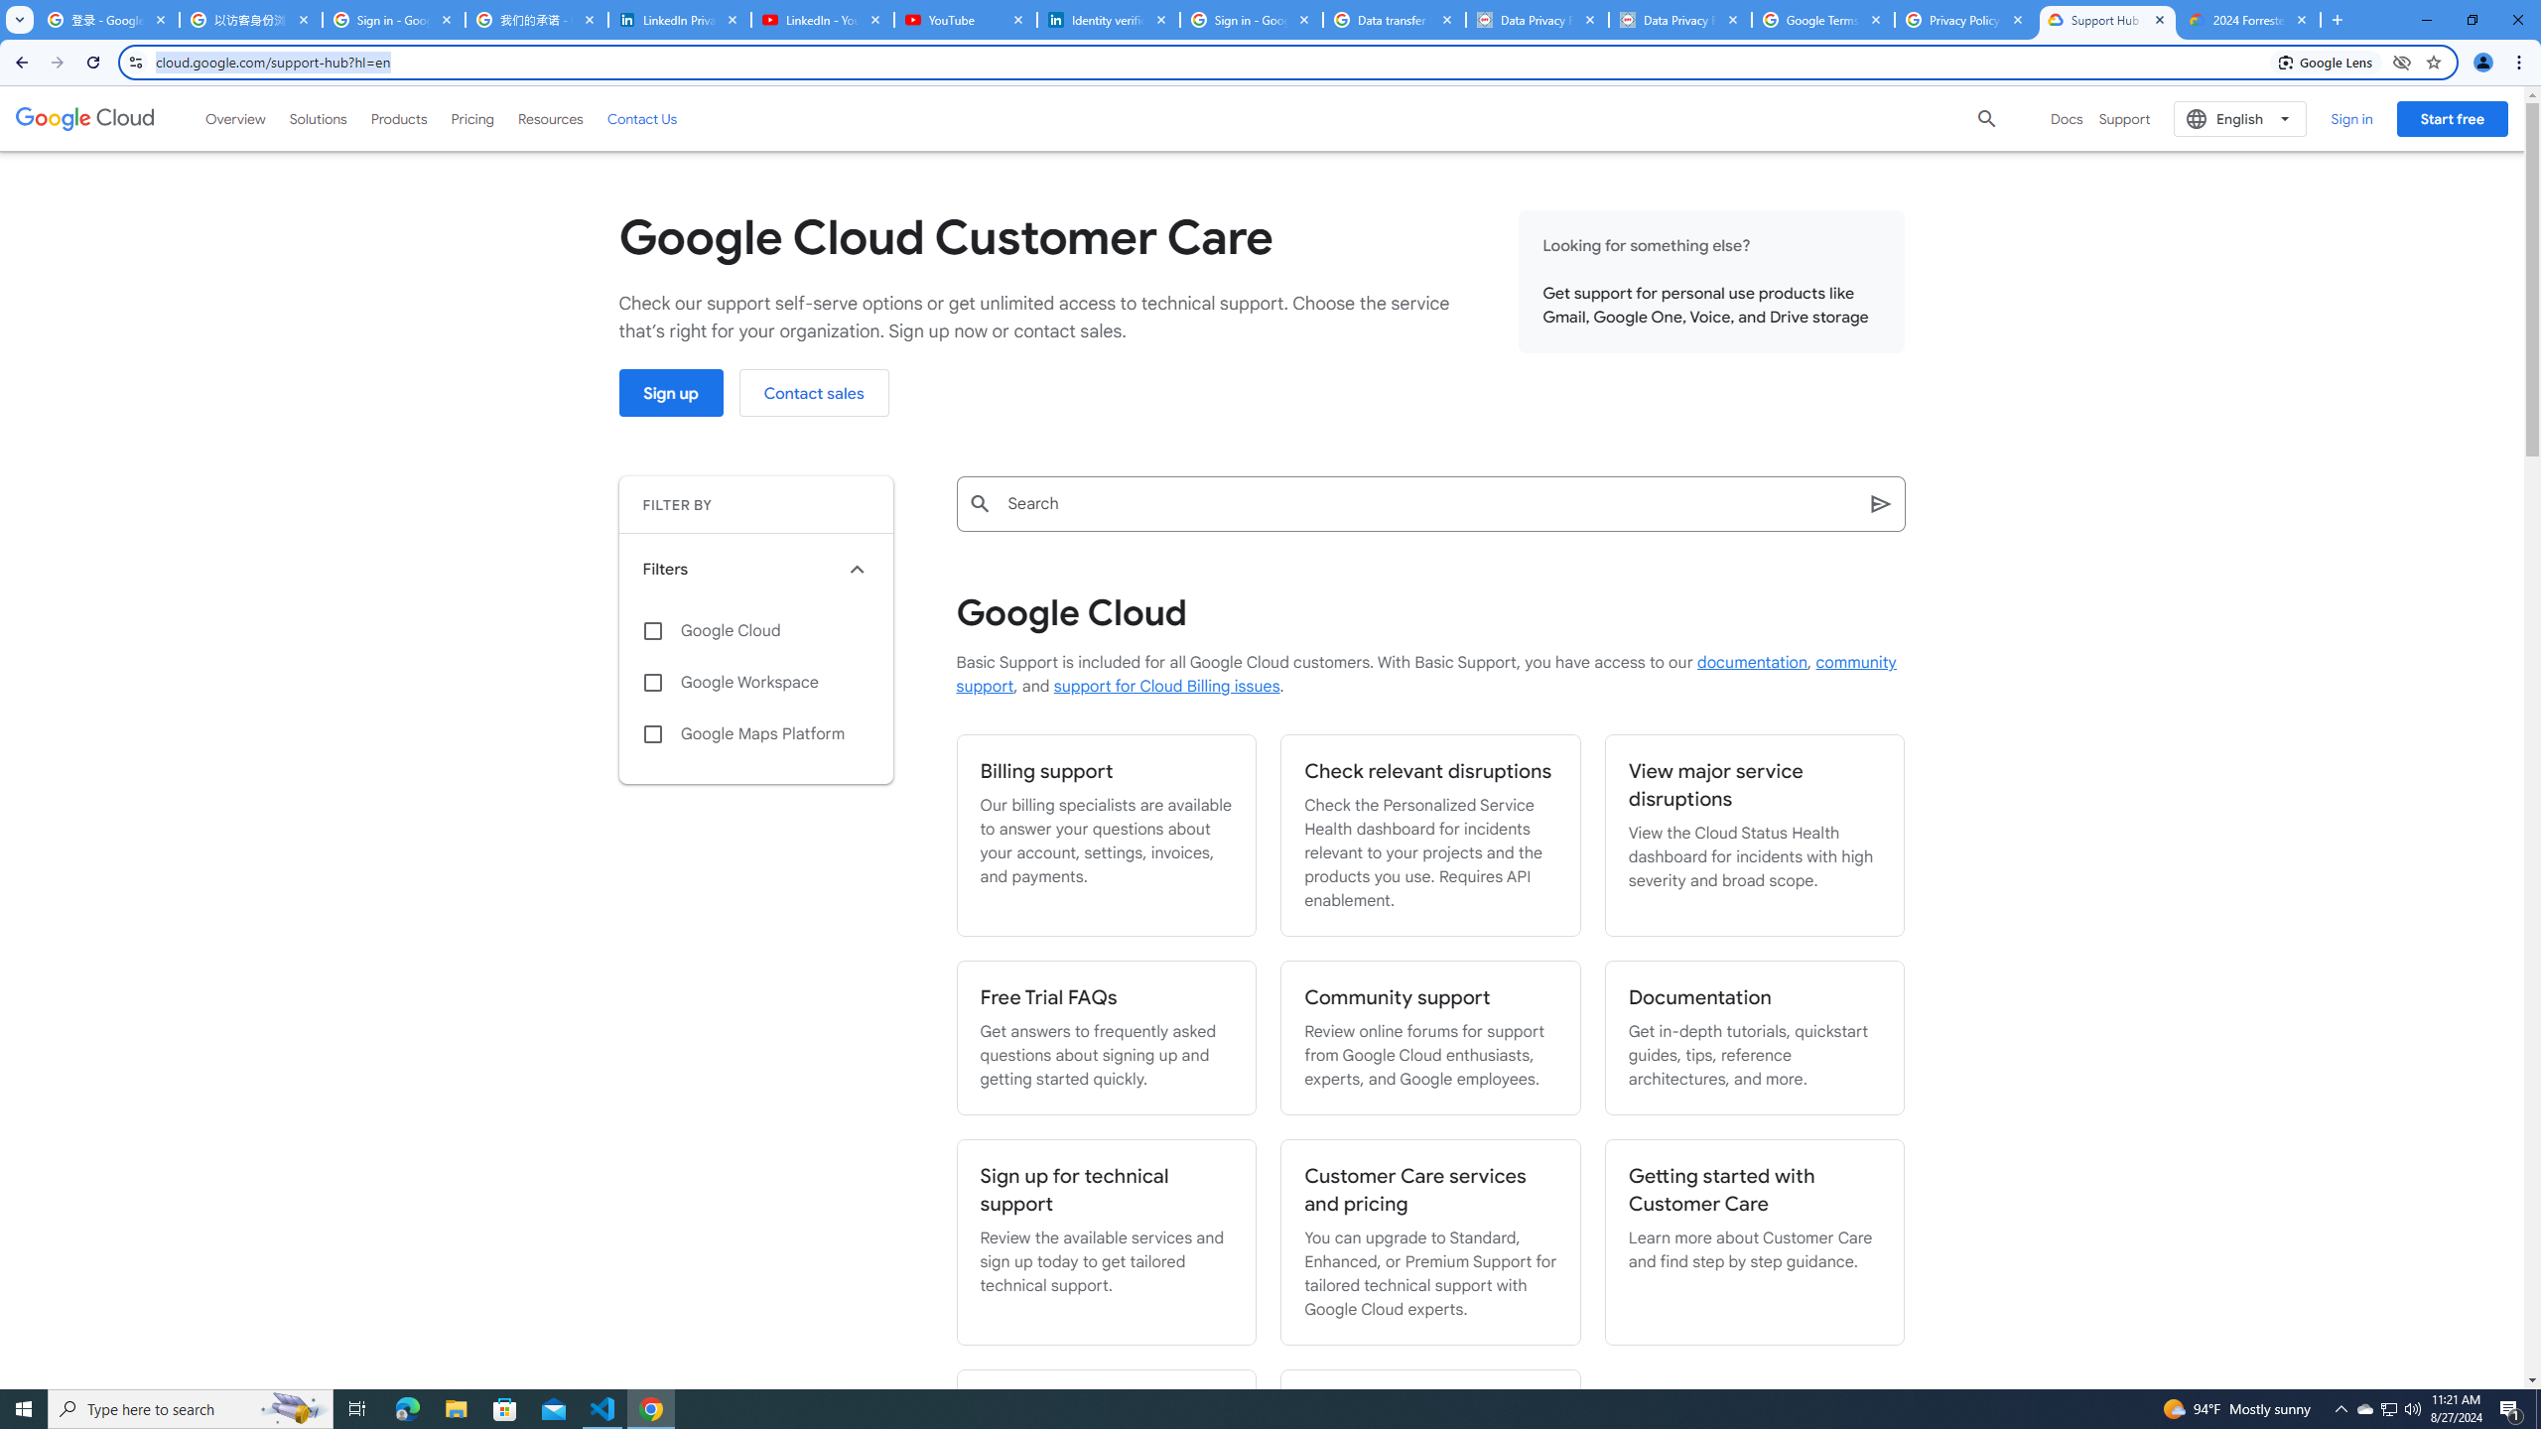  Describe the element at coordinates (755, 683) in the screenshot. I see `'Google Workspace'` at that location.